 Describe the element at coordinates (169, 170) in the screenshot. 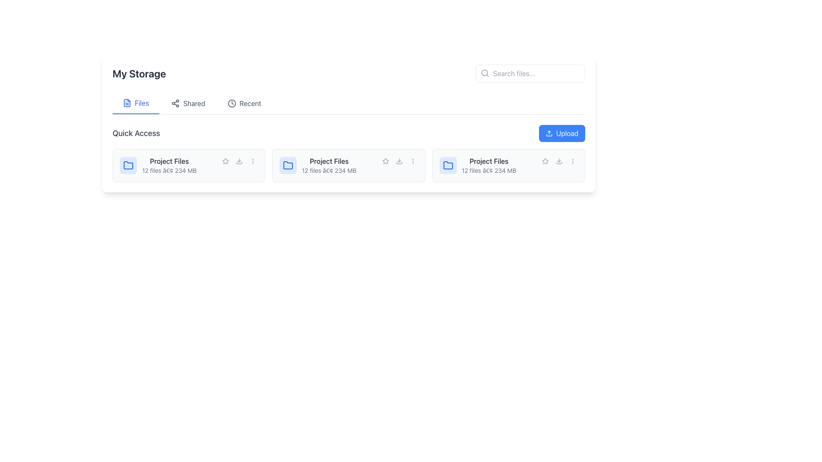

I see `the informational text displaying '12 files • 234 MB', which is styled in a small gray font and positioned below the 'Project Files' text, as part of the first card in the 'Quick Access' section` at that location.